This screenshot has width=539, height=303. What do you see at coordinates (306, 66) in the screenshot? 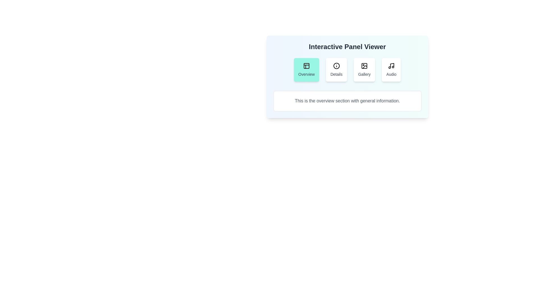
I see `the SVG Icon at the center of the 'Overview' card` at bounding box center [306, 66].